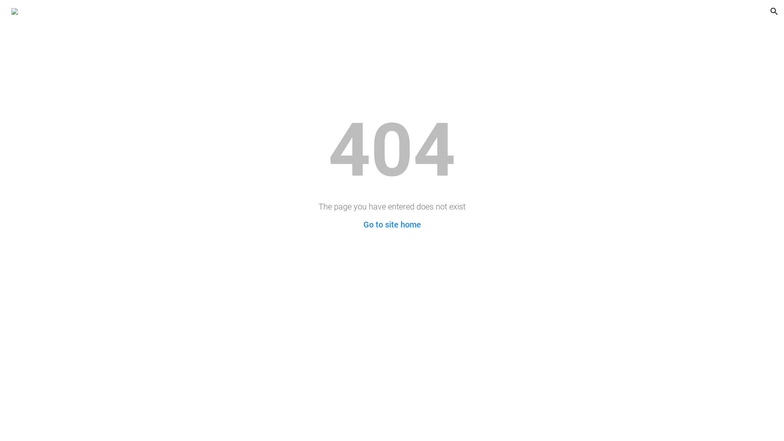 The height and width of the screenshot is (441, 784). I want to click on 'Go to site home', so click(392, 225).